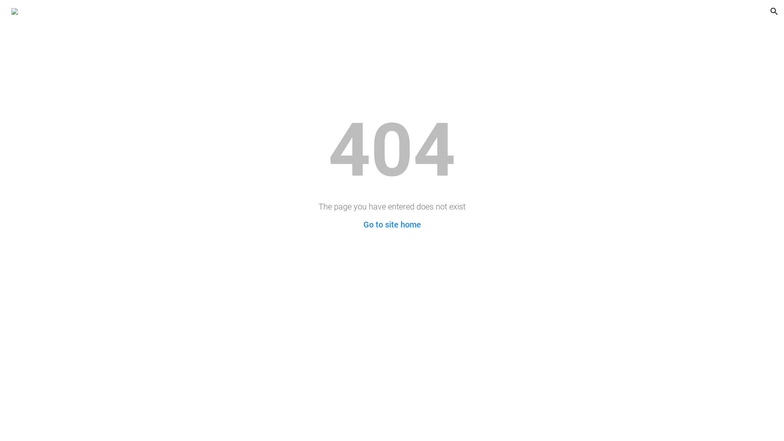 The height and width of the screenshot is (441, 784). I want to click on 'Go to site home', so click(392, 225).